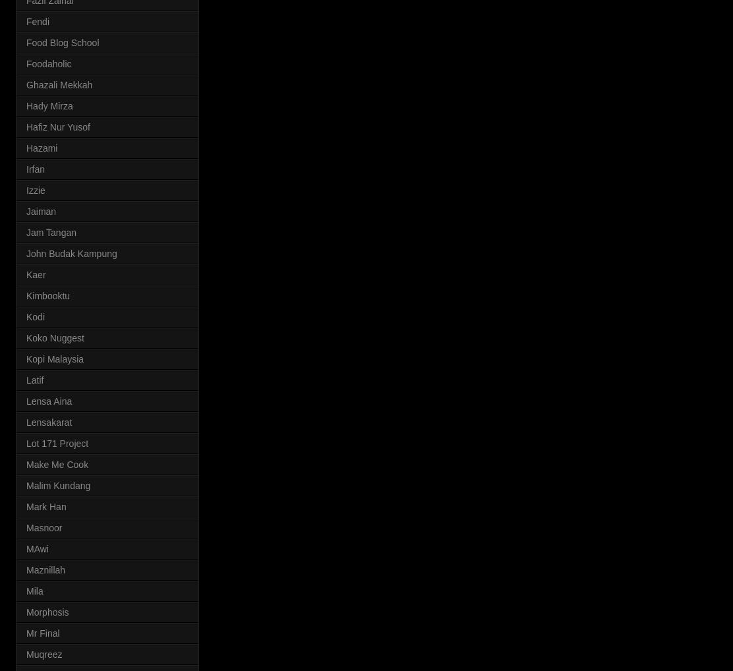  I want to click on 'Fendi', so click(38, 20).